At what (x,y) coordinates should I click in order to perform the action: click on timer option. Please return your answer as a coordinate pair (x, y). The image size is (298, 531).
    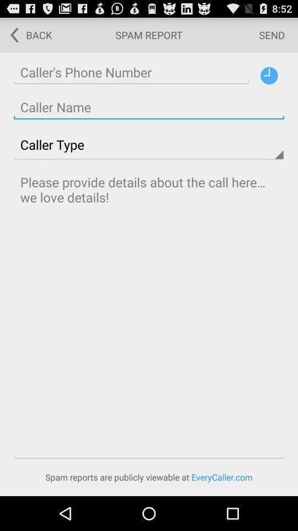
    Looking at the image, I should click on (268, 75).